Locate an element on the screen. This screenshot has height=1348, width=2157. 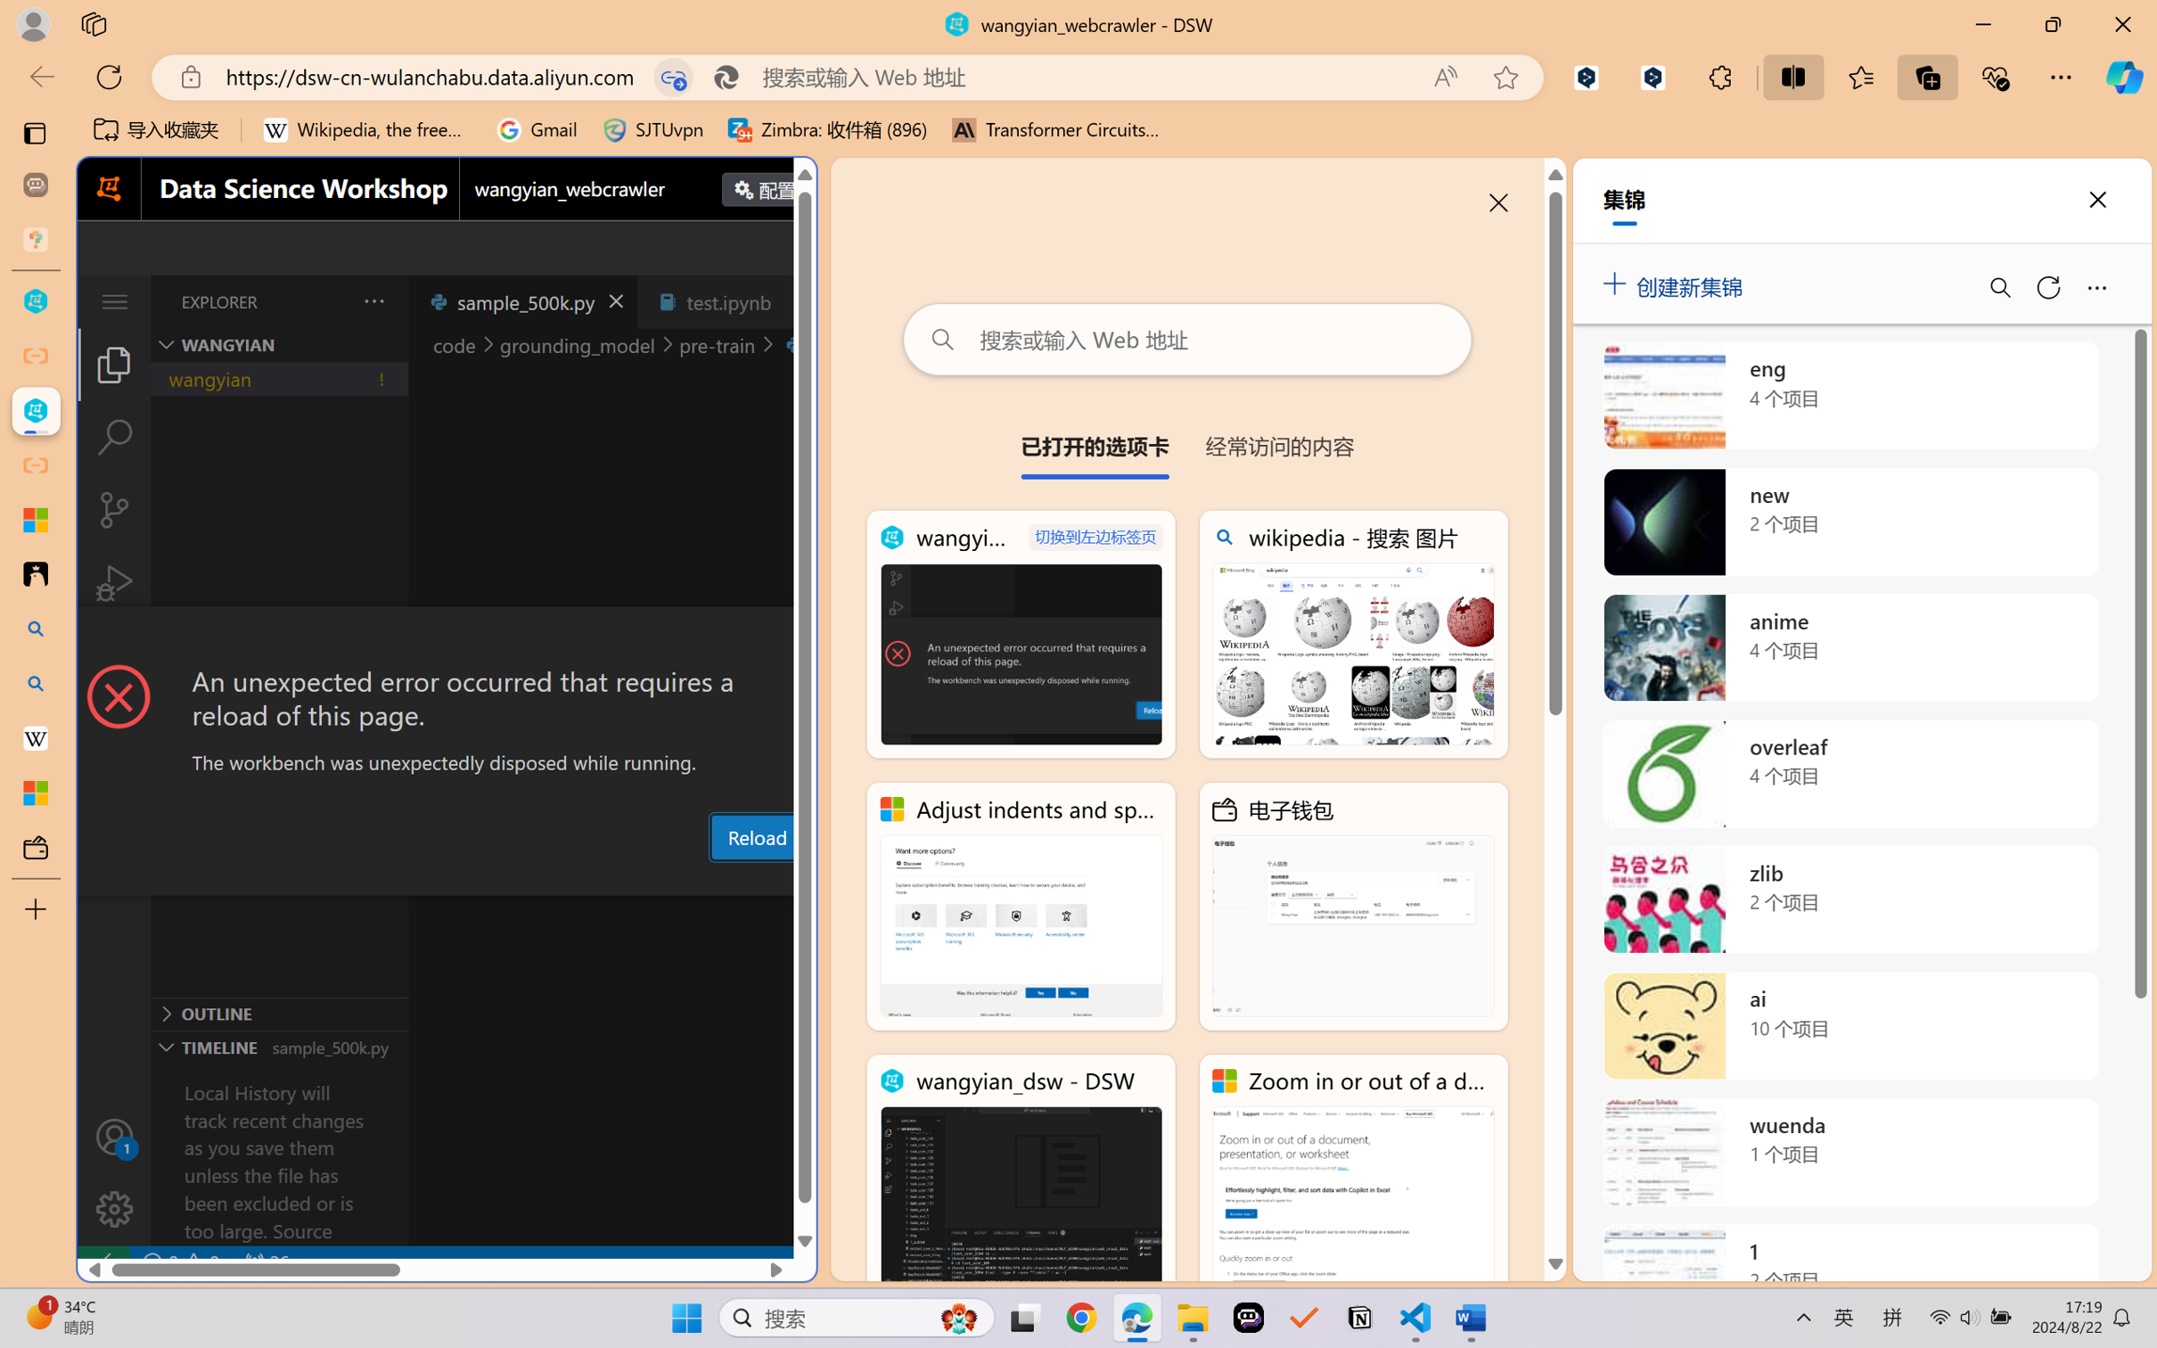
'Close (Ctrl+F4)' is located at coordinates (795, 300).